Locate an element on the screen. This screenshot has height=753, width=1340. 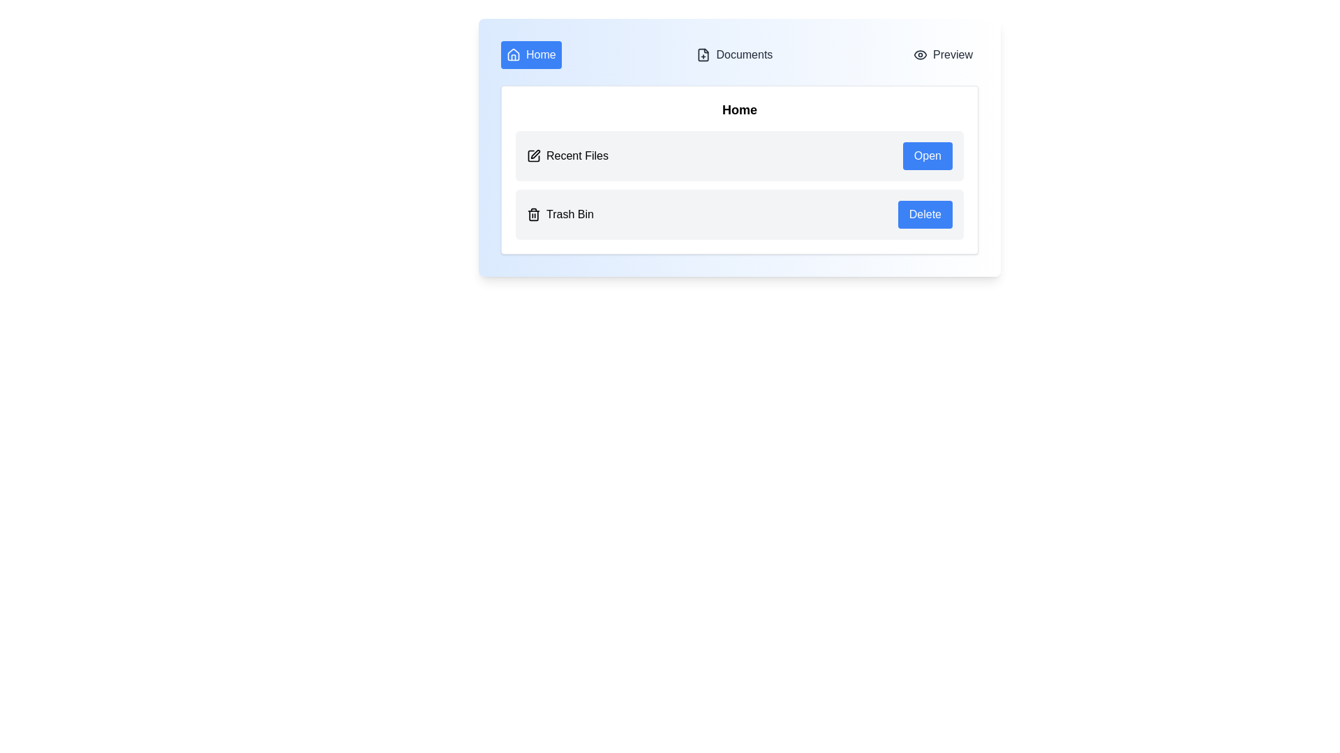
on the 'Documents' navigation link located in the horizontal navigation bar, which is positioned between the 'Home' and 'Preview' elements is located at coordinates (734, 54).